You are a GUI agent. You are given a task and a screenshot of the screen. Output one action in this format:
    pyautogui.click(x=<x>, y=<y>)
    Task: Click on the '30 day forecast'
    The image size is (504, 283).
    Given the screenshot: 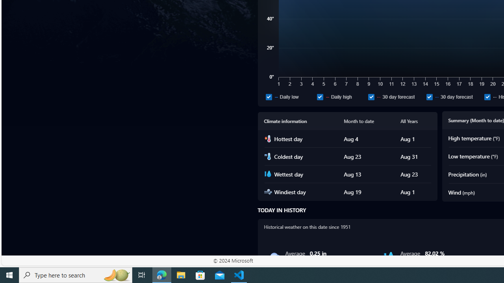 What is the action you would take?
    pyautogui.click(x=454, y=96)
    